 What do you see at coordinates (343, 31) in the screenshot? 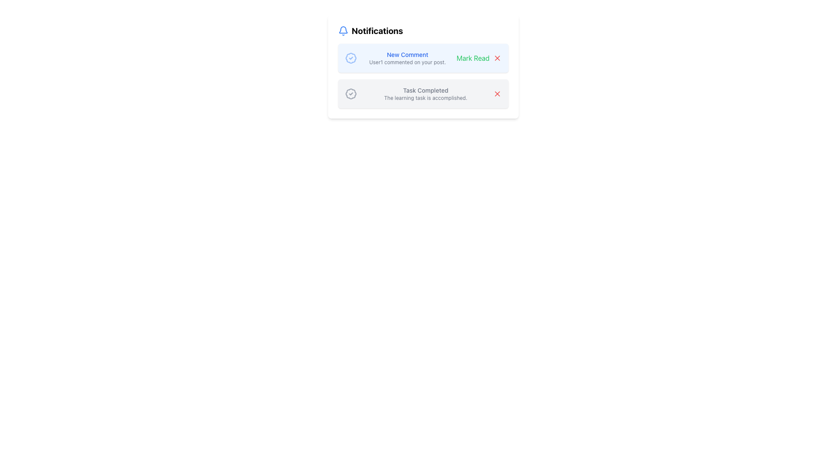
I see `the notification icon located in the top-left corner of the 'Notifications' section, which precedes the section title 'Notifications'` at bounding box center [343, 31].